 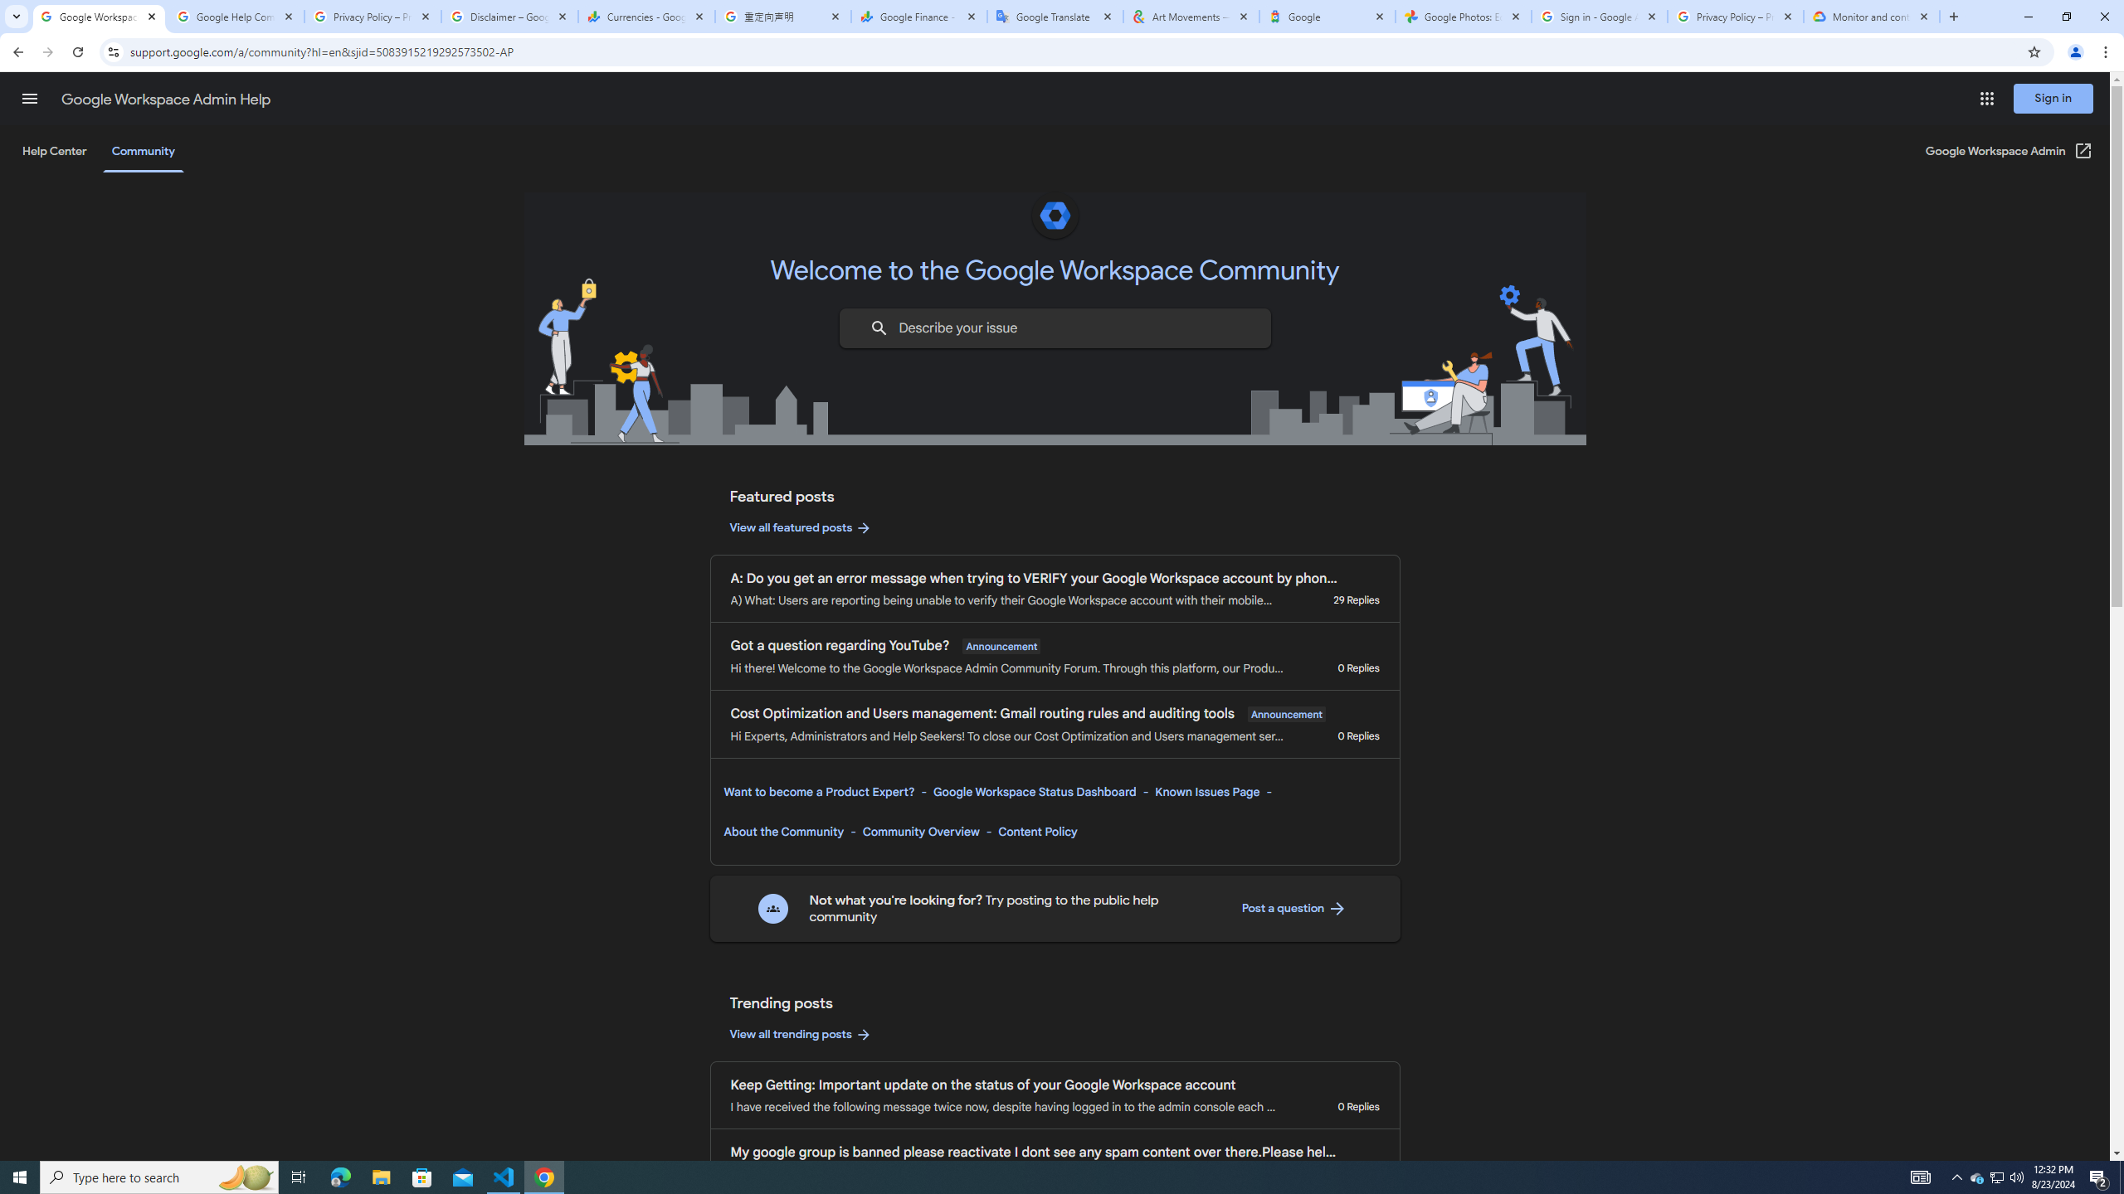 I want to click on 'Want to become a Product Expert?', so click(x=819, y=790).